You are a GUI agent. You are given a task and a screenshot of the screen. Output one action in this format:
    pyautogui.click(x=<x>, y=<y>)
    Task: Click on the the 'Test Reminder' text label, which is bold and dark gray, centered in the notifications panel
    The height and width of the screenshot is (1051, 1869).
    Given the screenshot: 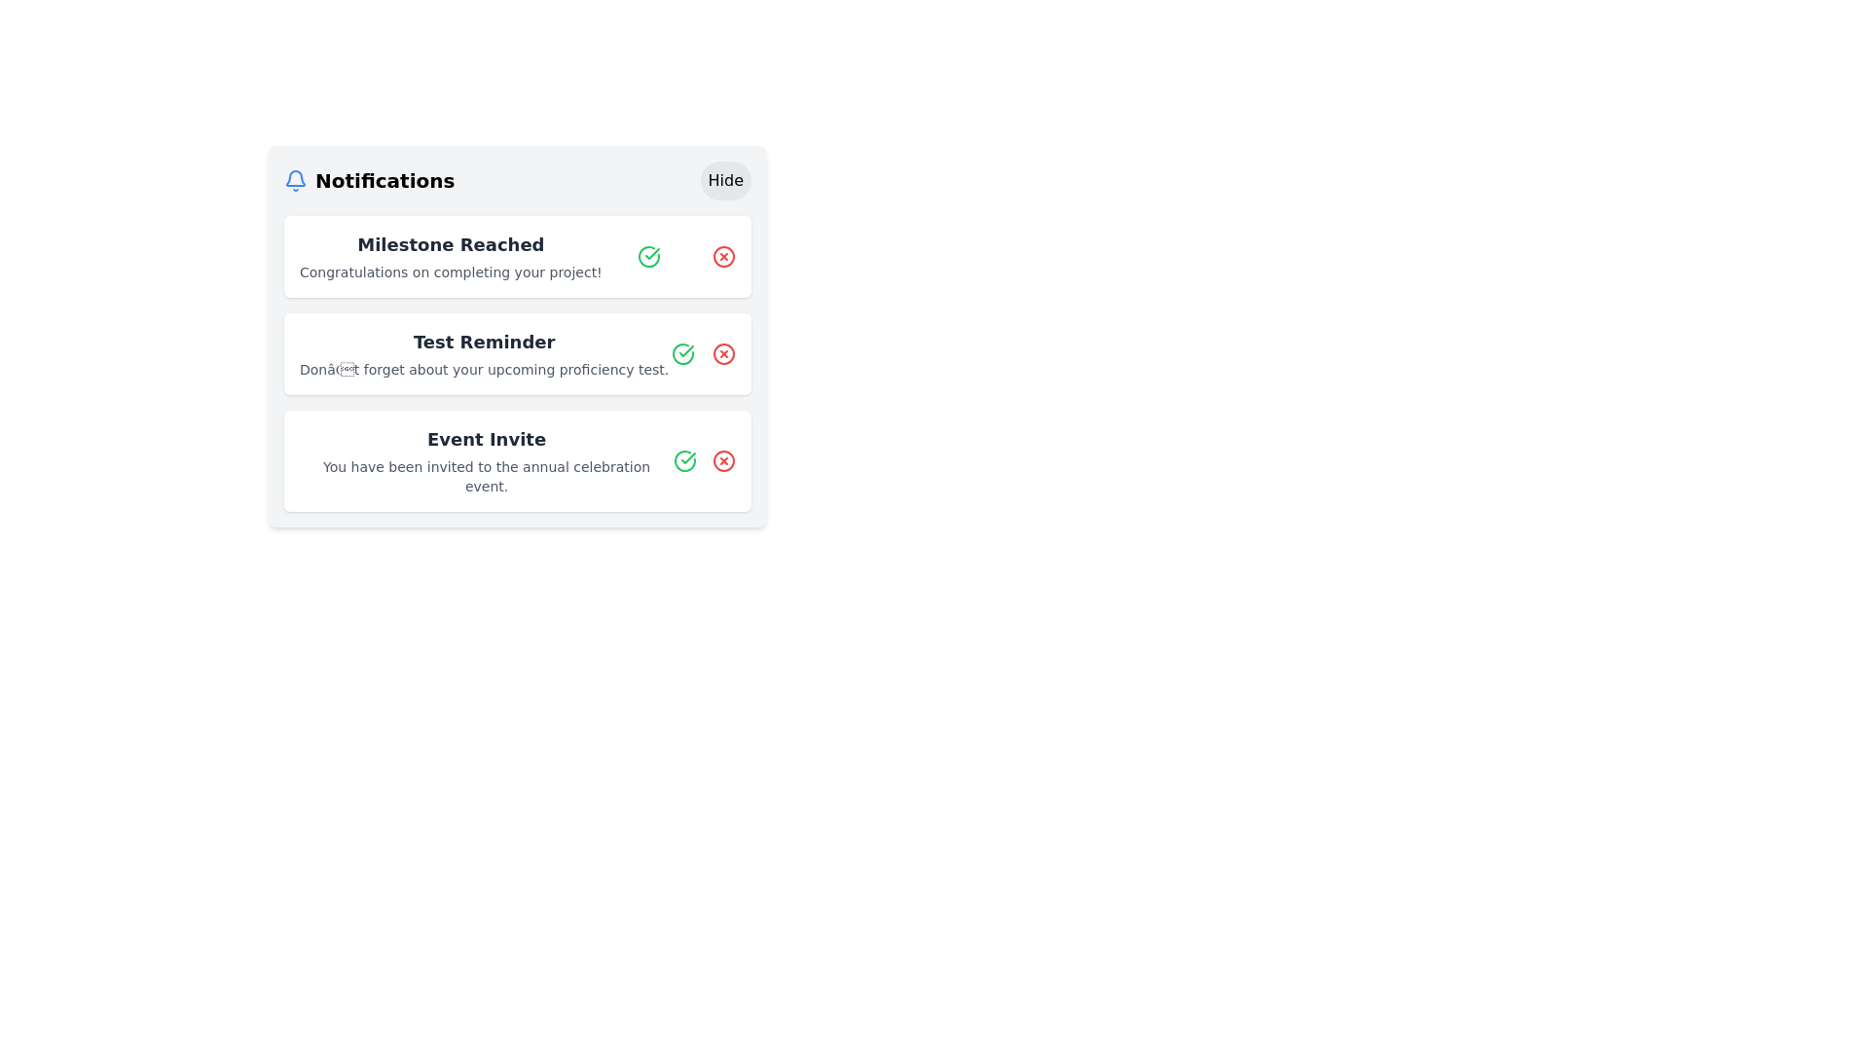 What is the action you would take?
    pyautogui.click(x=484, y=341)
    